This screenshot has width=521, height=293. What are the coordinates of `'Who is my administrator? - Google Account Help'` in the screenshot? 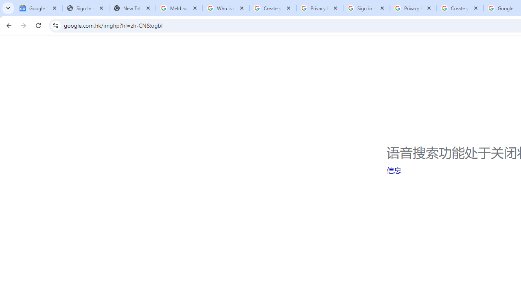 It's located at (226, 8).